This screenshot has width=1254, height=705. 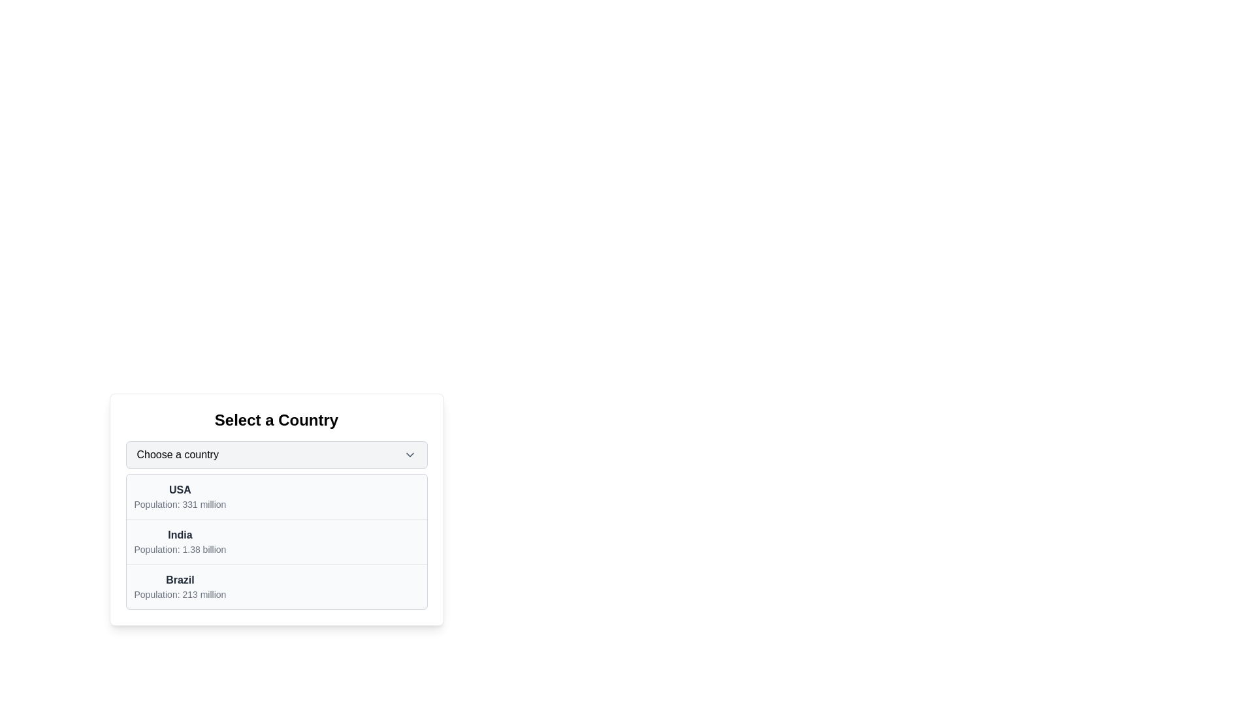 I want to click on the selectable list item labeled 'India' which displays 'Population: 1.38 billion' in a dropdown menu of country entries, so click(x=179, y=541).